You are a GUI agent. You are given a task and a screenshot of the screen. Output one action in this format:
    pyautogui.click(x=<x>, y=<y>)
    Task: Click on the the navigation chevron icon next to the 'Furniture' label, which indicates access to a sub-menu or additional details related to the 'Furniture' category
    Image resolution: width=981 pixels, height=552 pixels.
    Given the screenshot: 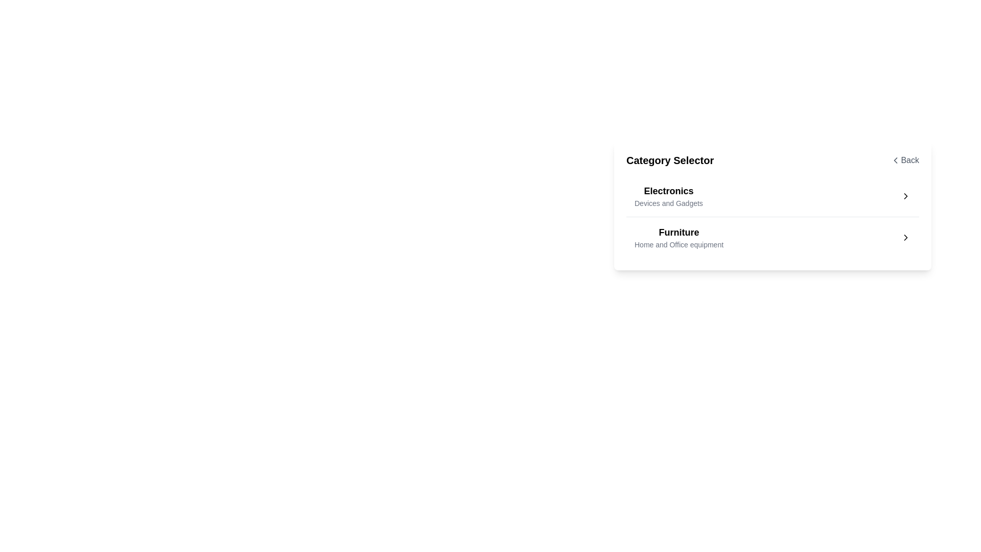 What is the action you would take?
    pyautogui.click(x=905, y=238)
    